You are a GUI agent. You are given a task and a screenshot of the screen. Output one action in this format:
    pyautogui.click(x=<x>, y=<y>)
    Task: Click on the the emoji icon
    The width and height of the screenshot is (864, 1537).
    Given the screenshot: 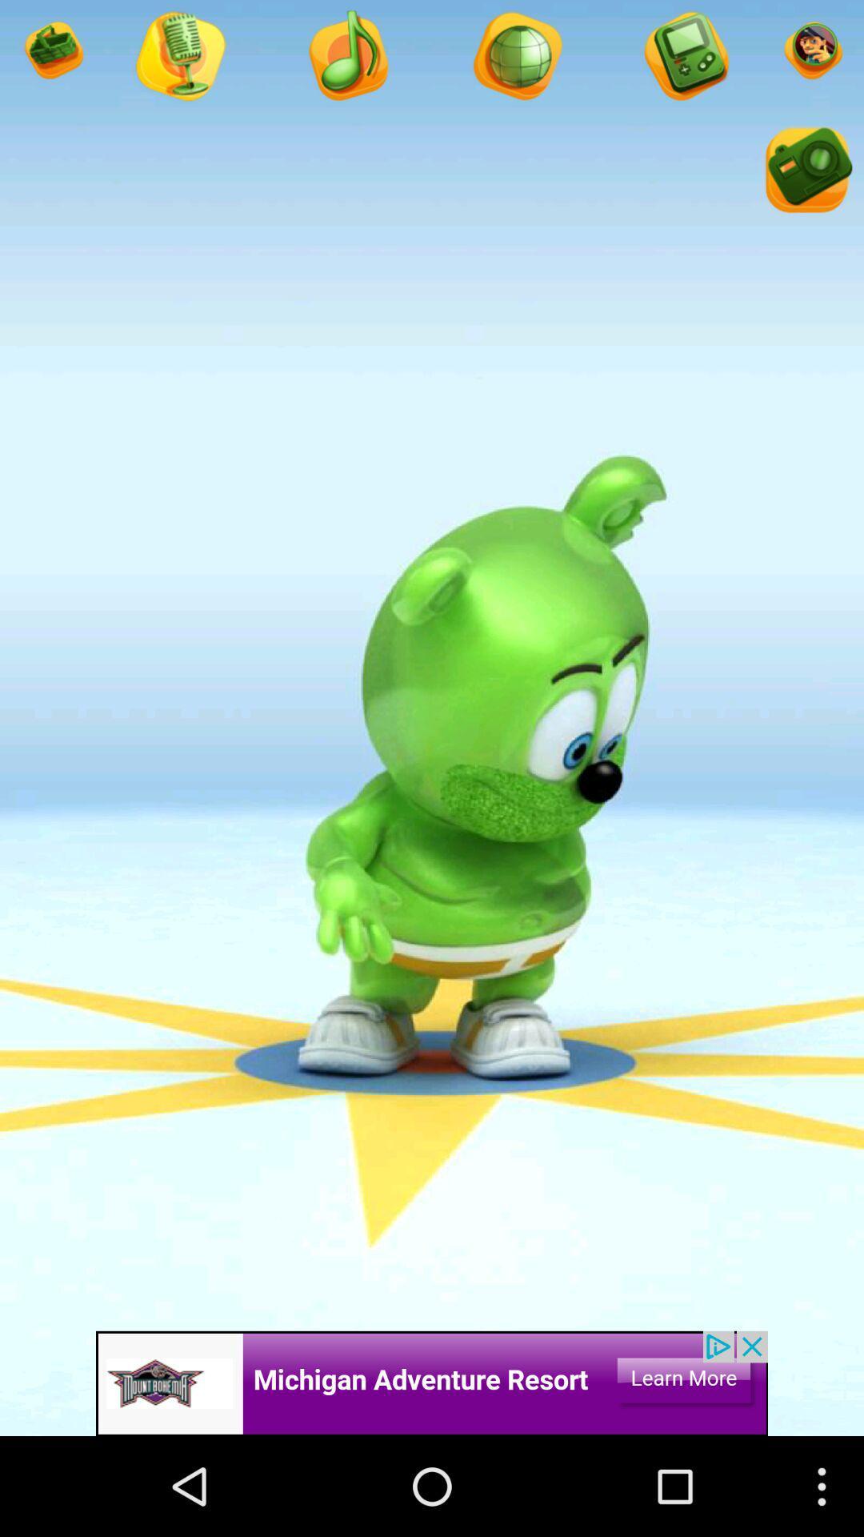 What is the action you would take?
    pyautogui.click(x=811, y=56)
    